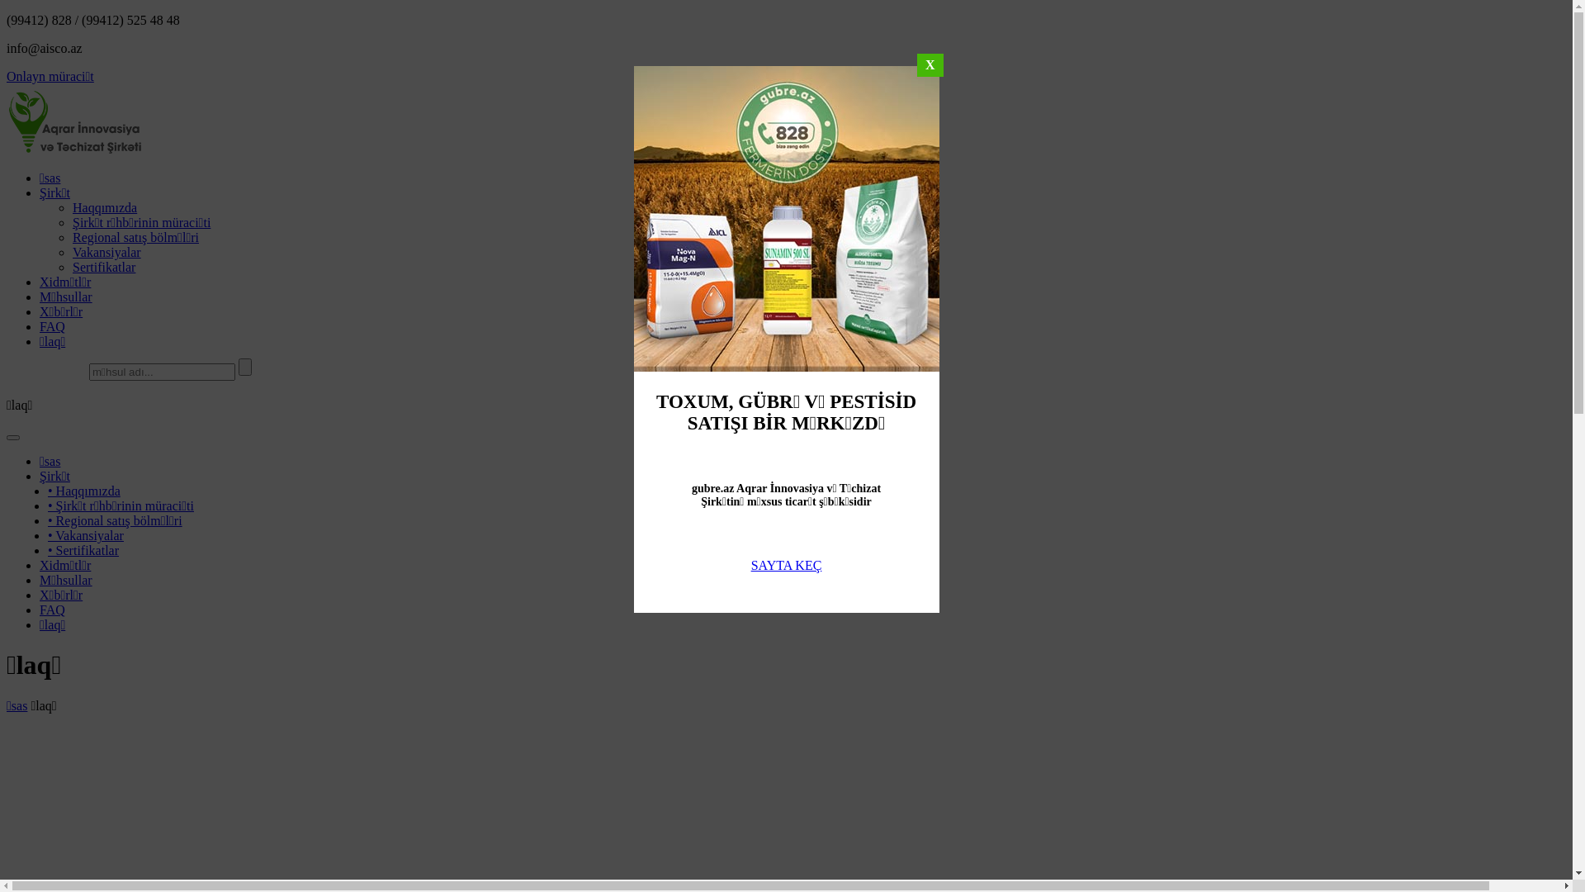  What do you see at coordinates (71, 252) in the screenshot?
I see `'Vakansiyalar'` at bounding box center [71, 252].